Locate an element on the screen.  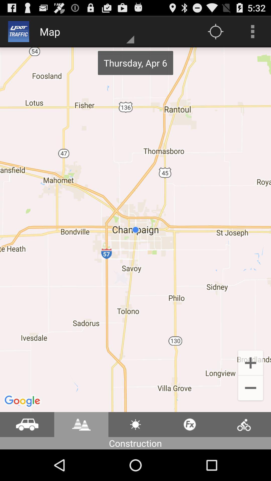
thursday apr 6 is located at coordinates (135, 63).